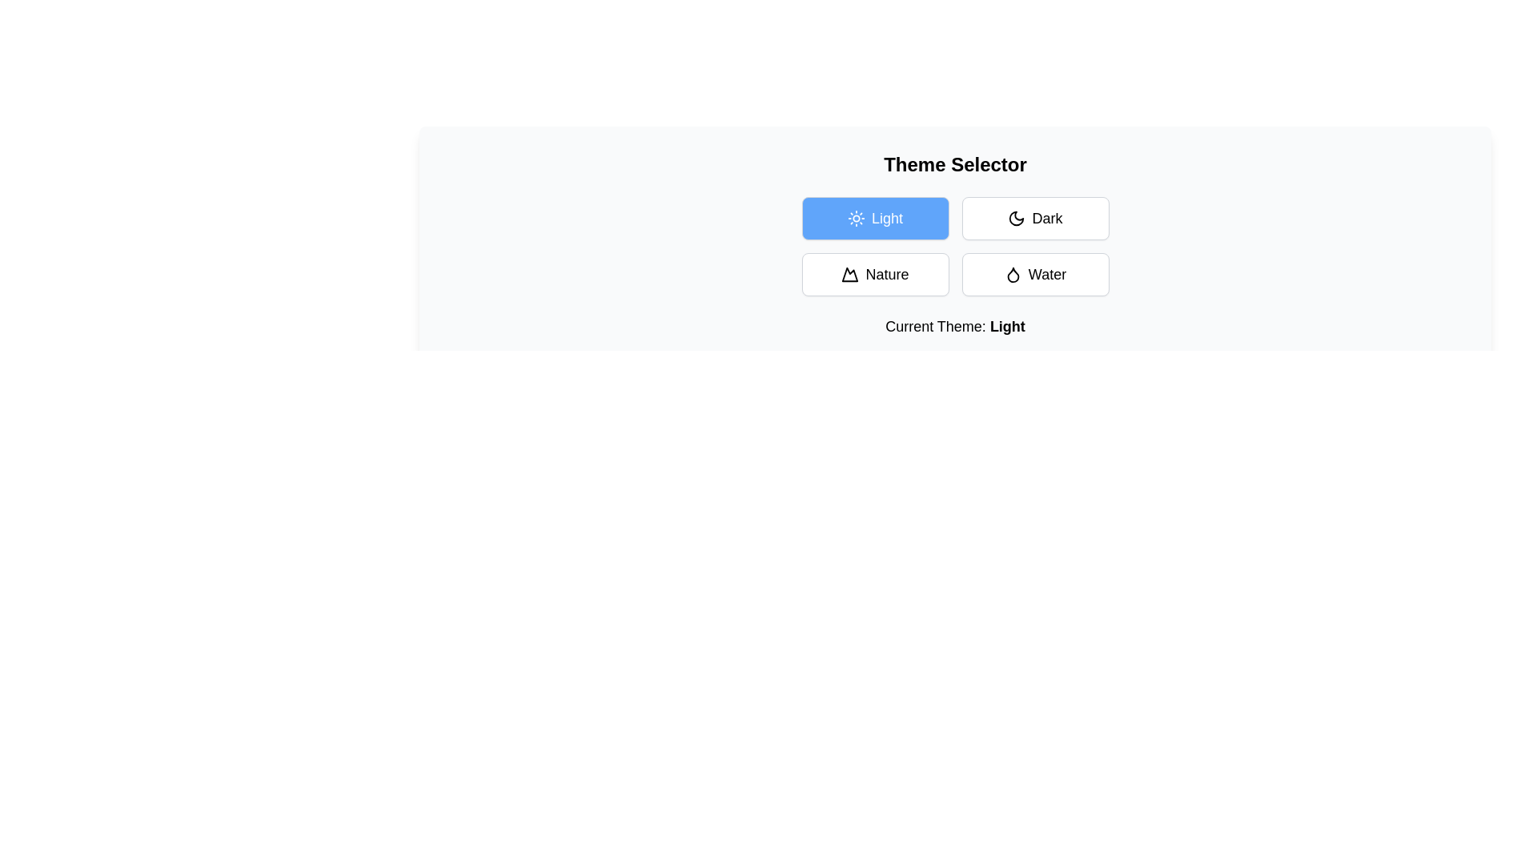 The width and height of the screenshot is (1537, 865). Describe the element at coordinates (1016, 219) in the screenshot. I see `the 'Dark' theme button, which visually represents the 'Dark' theme option, located in the second column of the top row of theme buttons` at that location.